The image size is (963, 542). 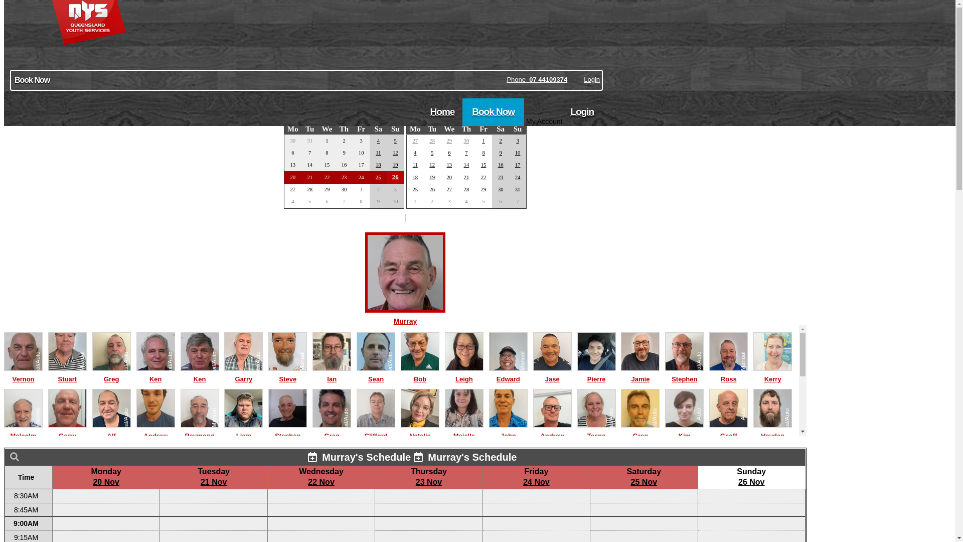 I want to click on 'Sean, so click(x=375, y=374).